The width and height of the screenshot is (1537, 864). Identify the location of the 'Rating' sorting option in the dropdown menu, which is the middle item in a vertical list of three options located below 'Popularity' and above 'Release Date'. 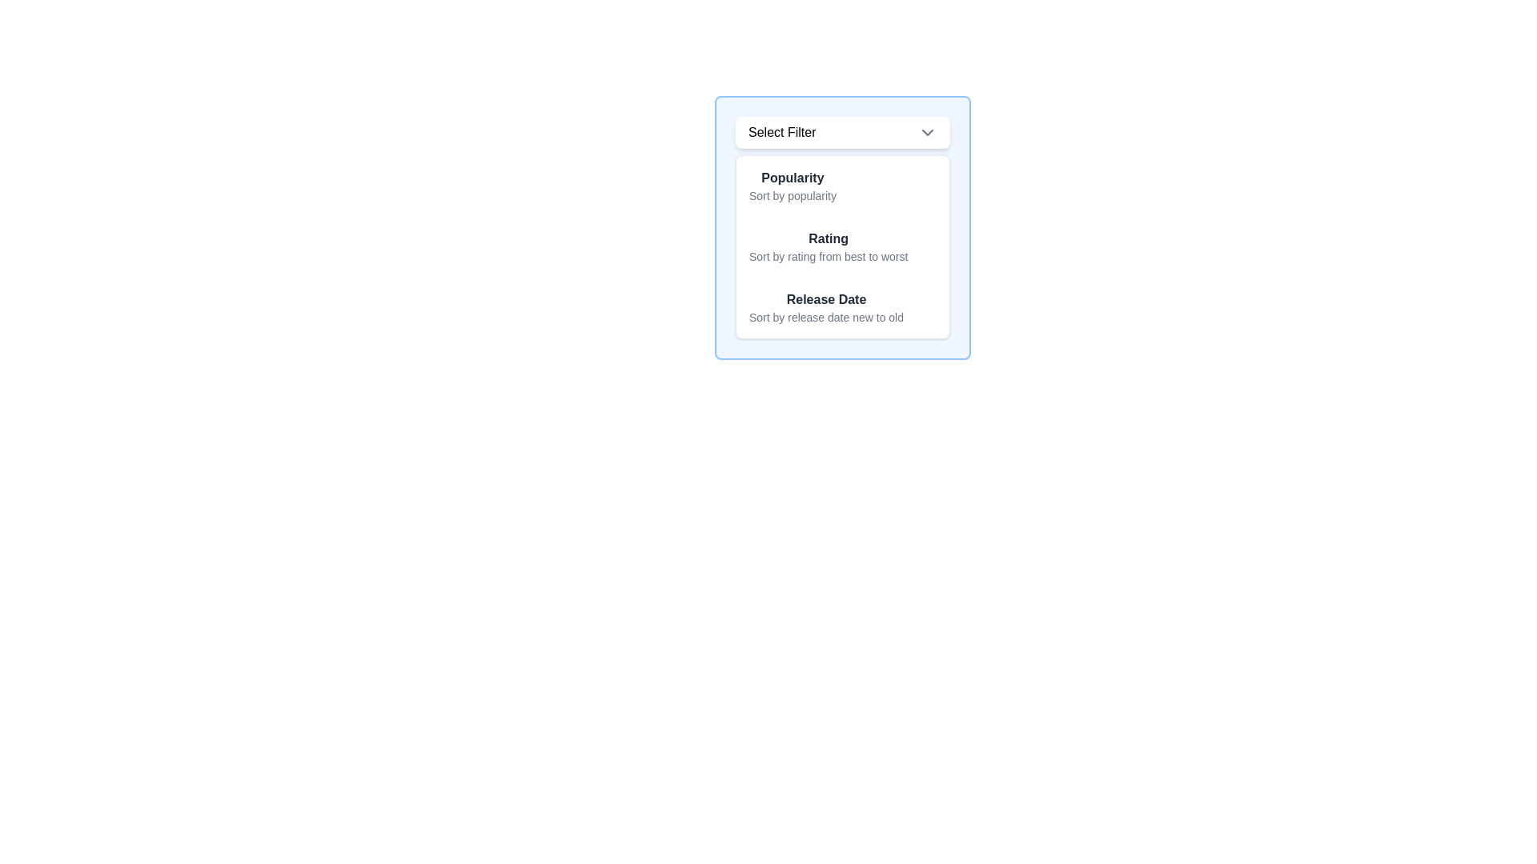
(841, 246).